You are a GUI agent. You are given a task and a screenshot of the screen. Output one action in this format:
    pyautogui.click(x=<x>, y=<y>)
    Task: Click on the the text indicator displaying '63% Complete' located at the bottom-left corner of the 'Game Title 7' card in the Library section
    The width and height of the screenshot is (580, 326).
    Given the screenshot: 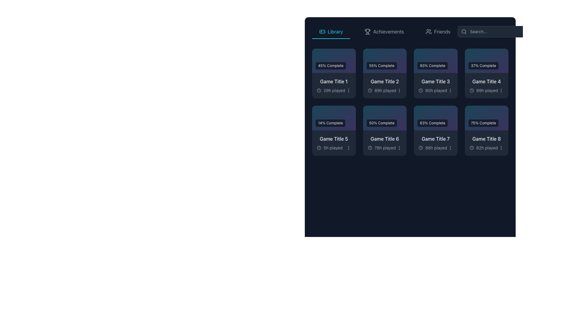 What is the action you would take?
    pyautogui.click(x=432, y=123)
    